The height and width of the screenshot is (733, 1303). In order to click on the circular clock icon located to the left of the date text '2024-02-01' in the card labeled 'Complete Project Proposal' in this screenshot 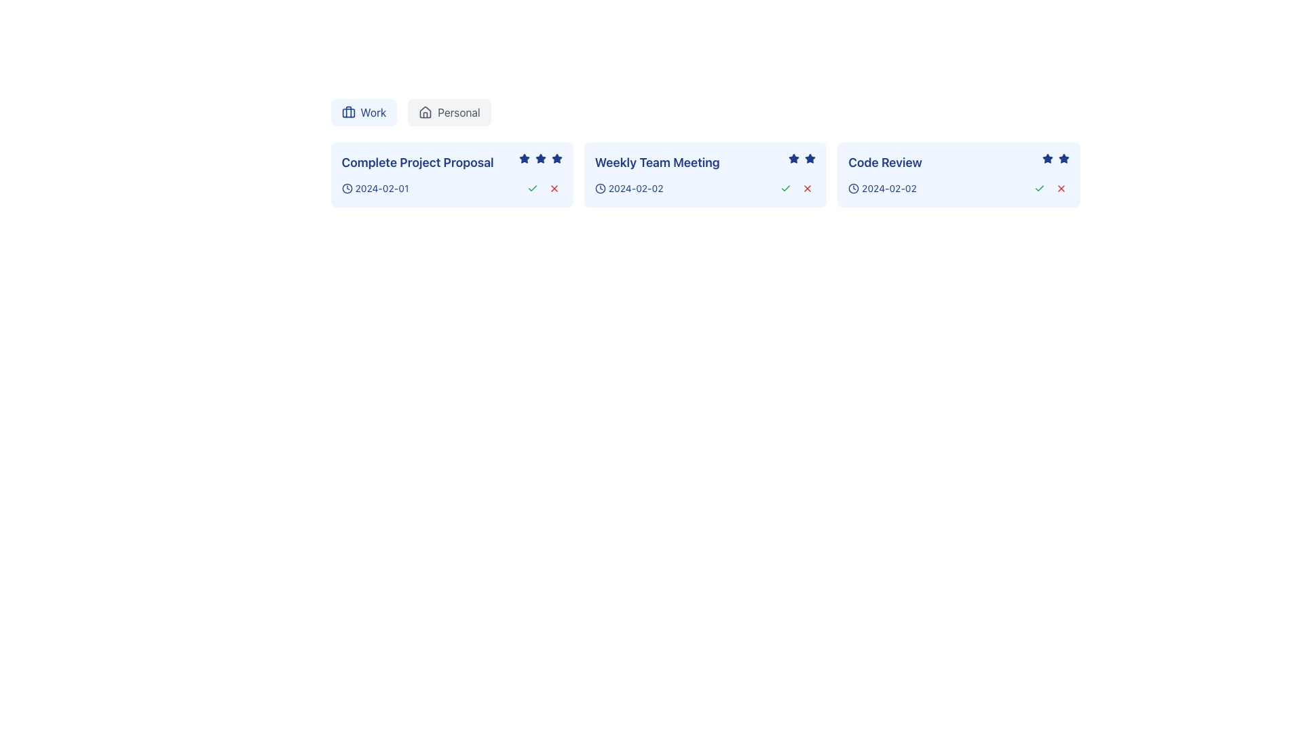, I will do `click(347, 188)`.